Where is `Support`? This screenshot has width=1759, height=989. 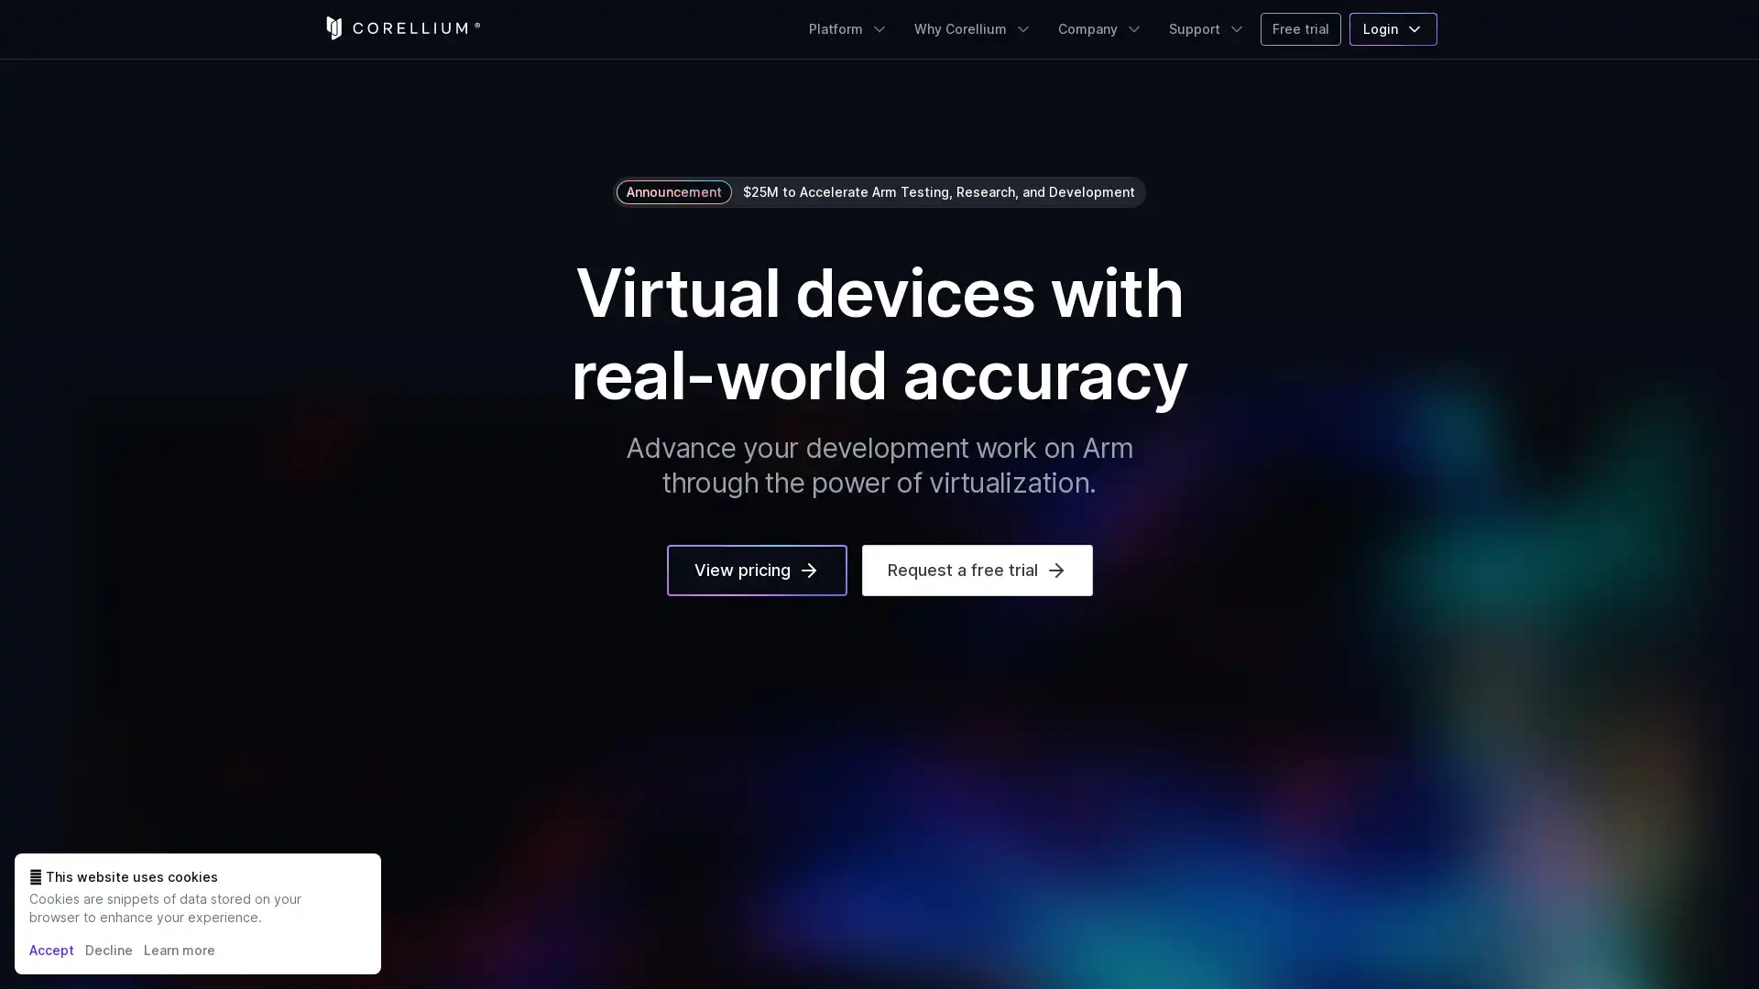
Support is located at coordinates (1207, 28).